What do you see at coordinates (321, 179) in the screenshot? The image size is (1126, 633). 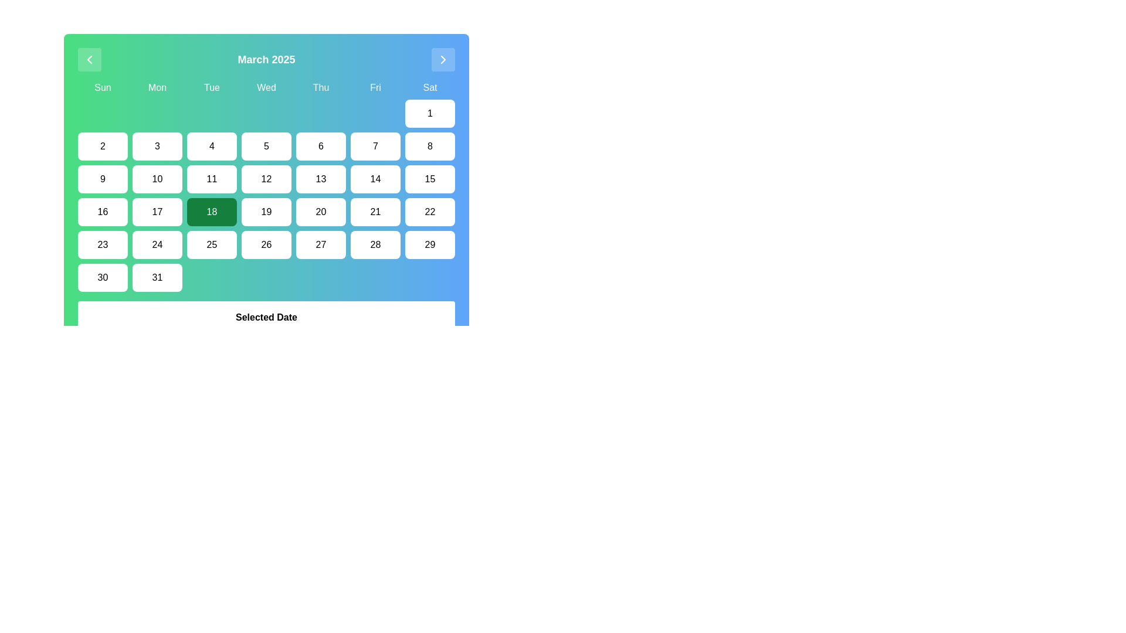 I see `the calendar button representing 'Thu' in the third row, fifth cell` at bounding box center [321, 179].